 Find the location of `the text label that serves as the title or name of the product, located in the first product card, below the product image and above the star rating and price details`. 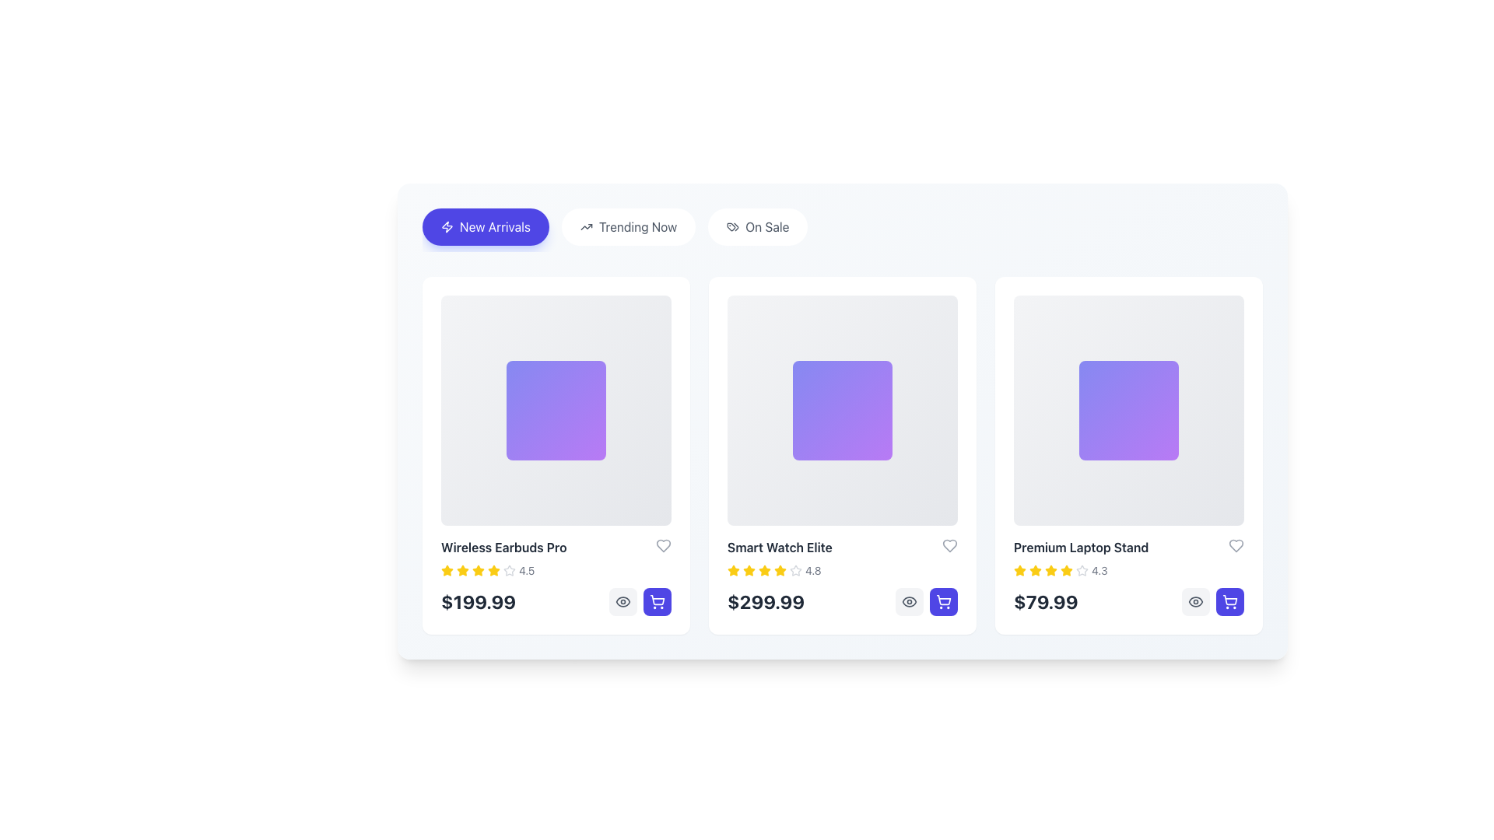

the text label that serves as the title or name of the product, located in the first product card, below the product image and above the star rating and price details is located at coordinates (503, 547).